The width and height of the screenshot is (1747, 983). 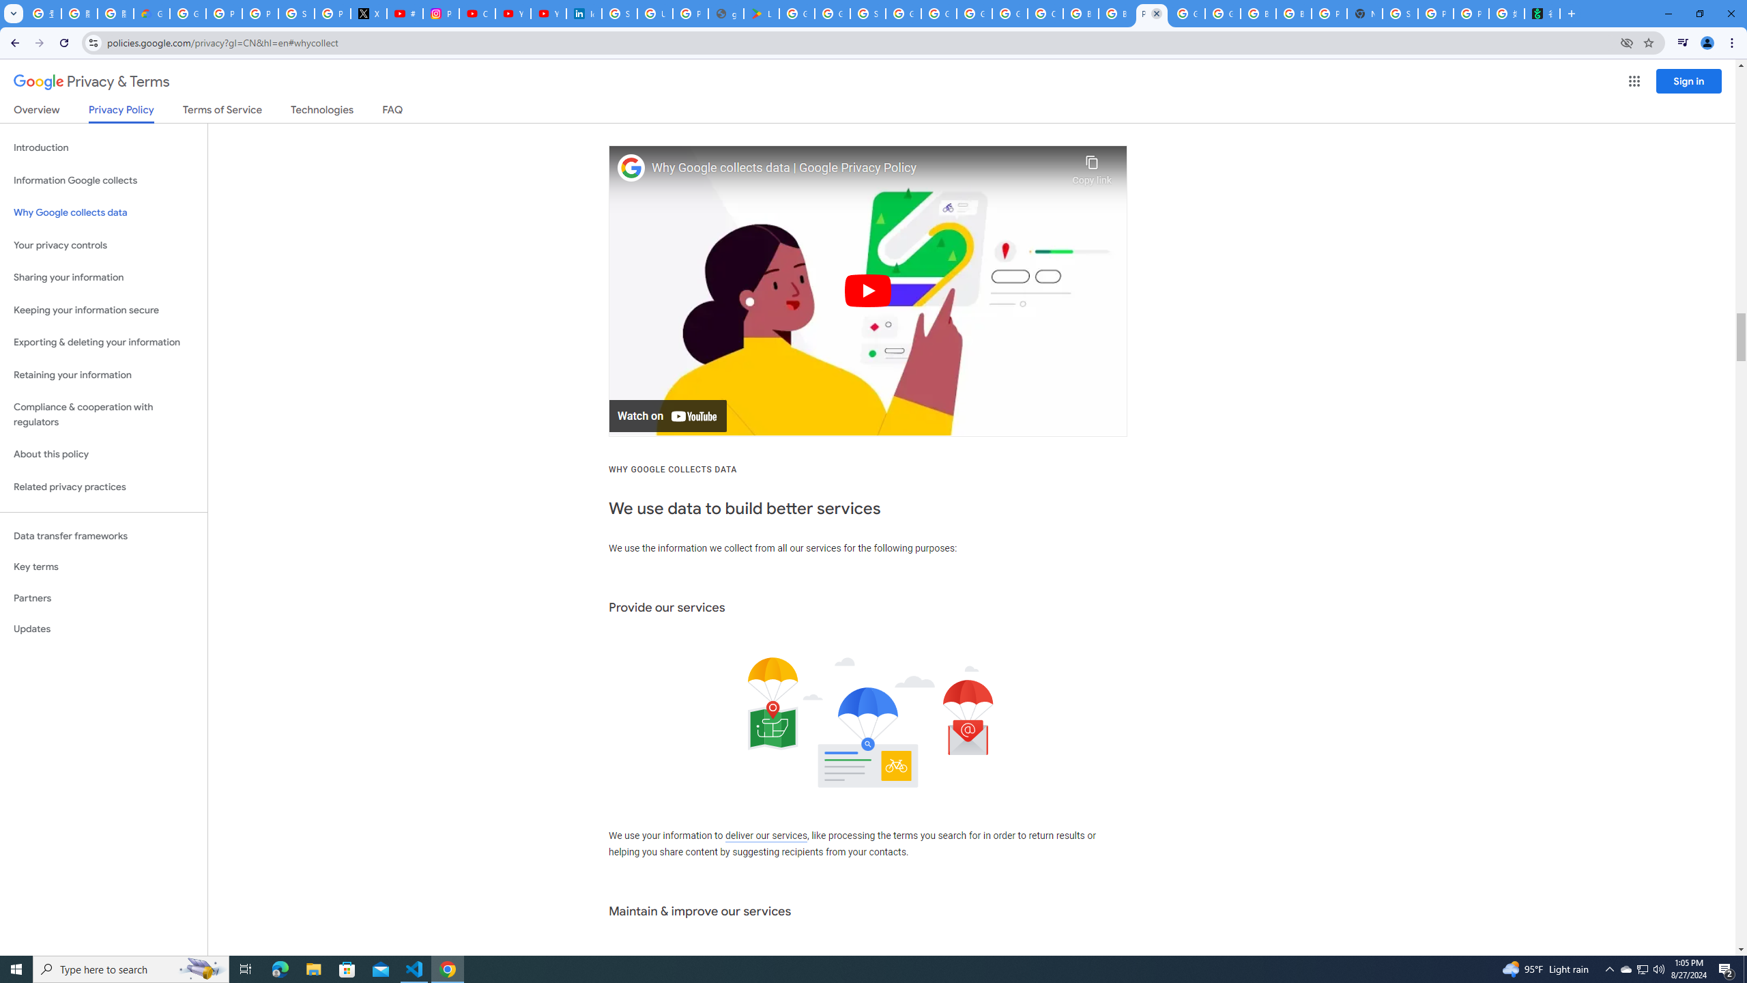 I want to click on 'Watch on YouTube', so click(x=667, y=415).